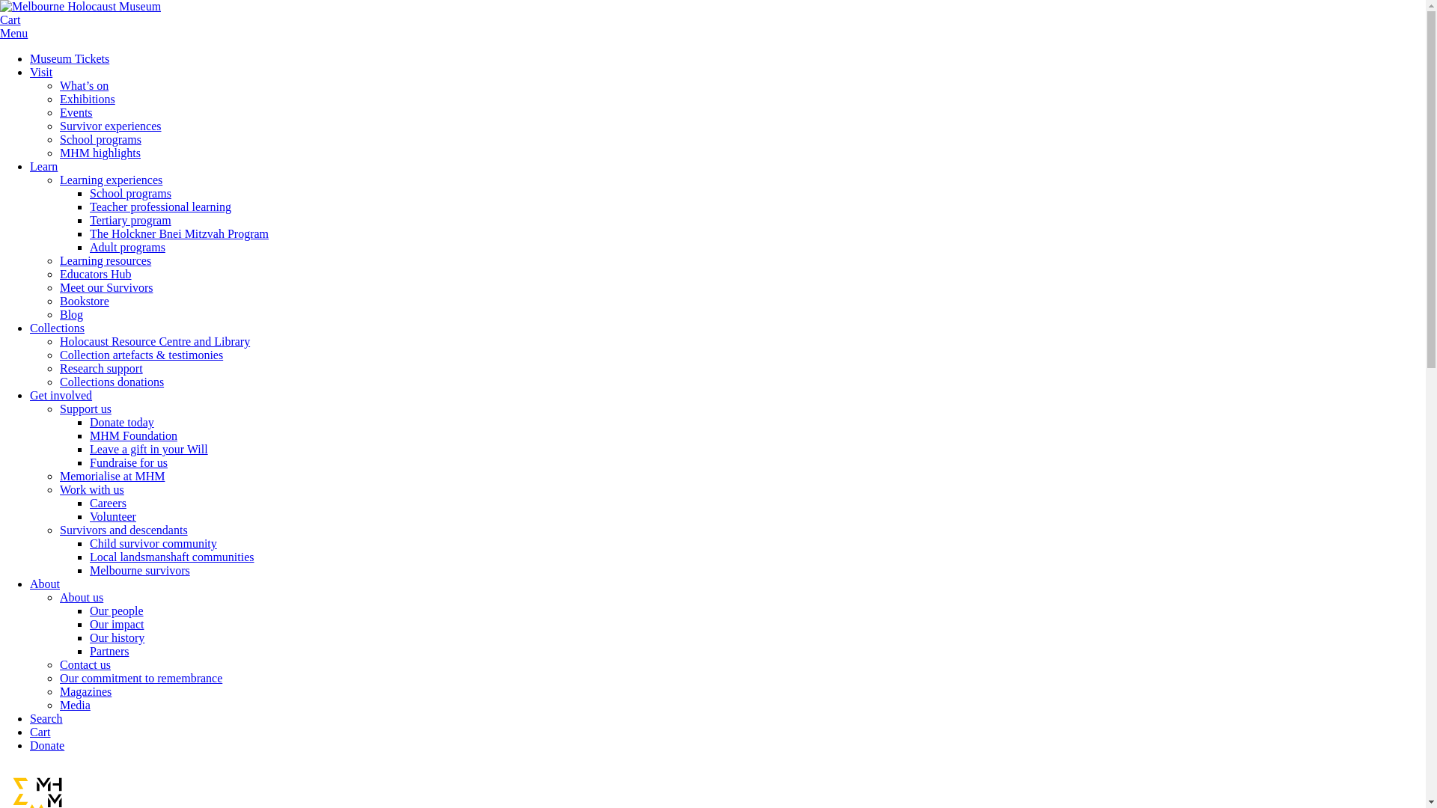 This screenshot has width=1437, height=808. I want to click on 'Bookstore', so click(60, 301).